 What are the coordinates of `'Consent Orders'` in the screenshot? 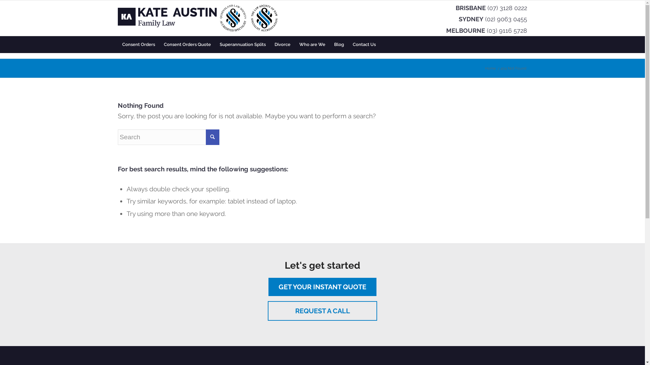 It's located at (138, 44).